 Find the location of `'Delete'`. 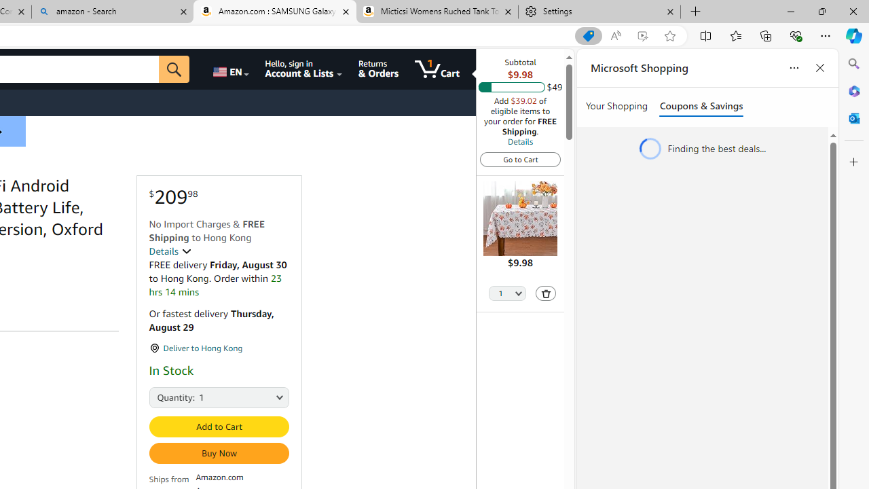

'Delete' is located at coordinates (546, 293).